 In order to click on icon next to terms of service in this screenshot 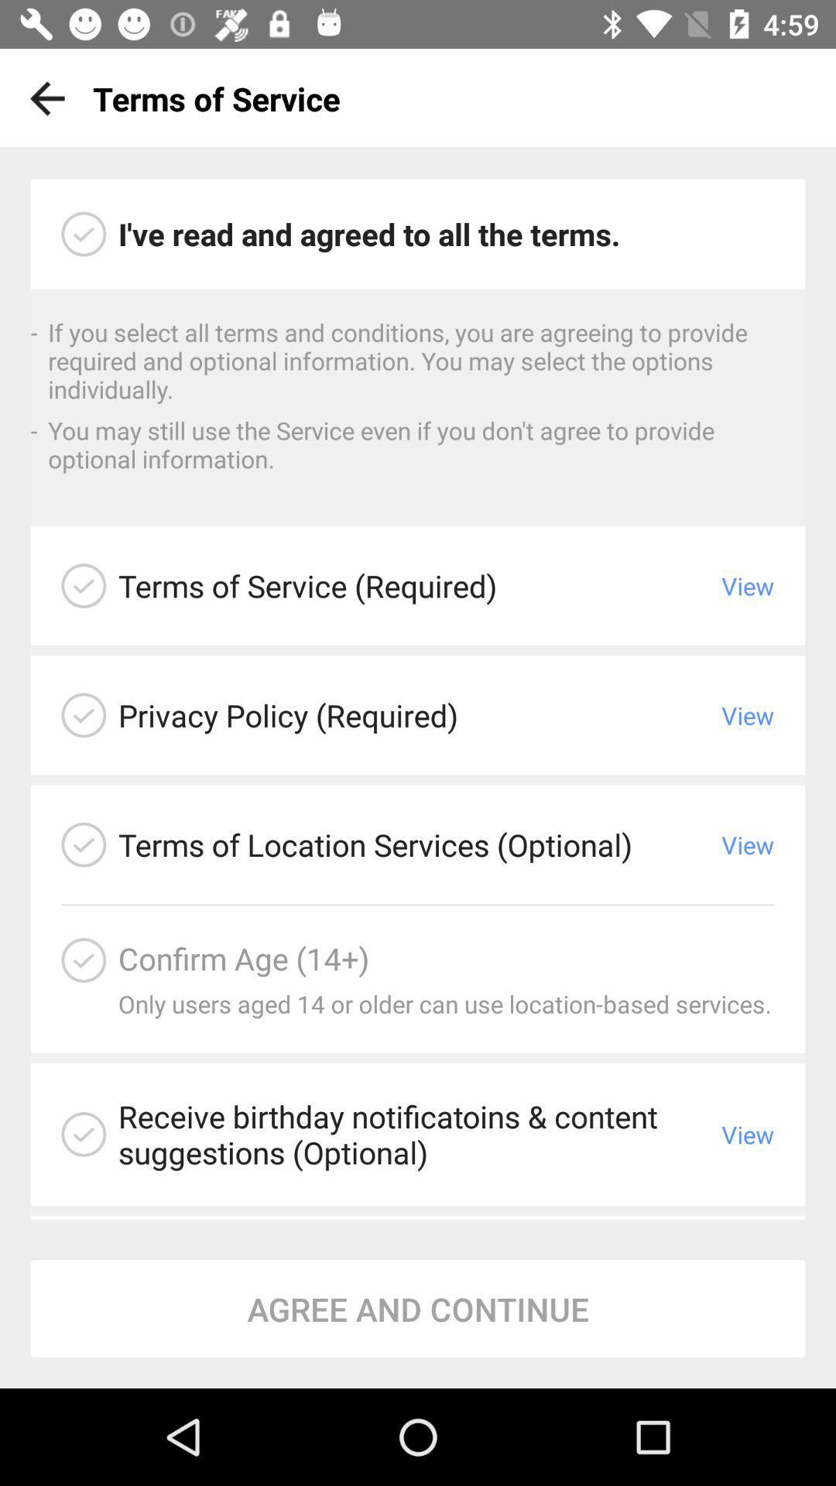, I will do `click(41, 98)`.